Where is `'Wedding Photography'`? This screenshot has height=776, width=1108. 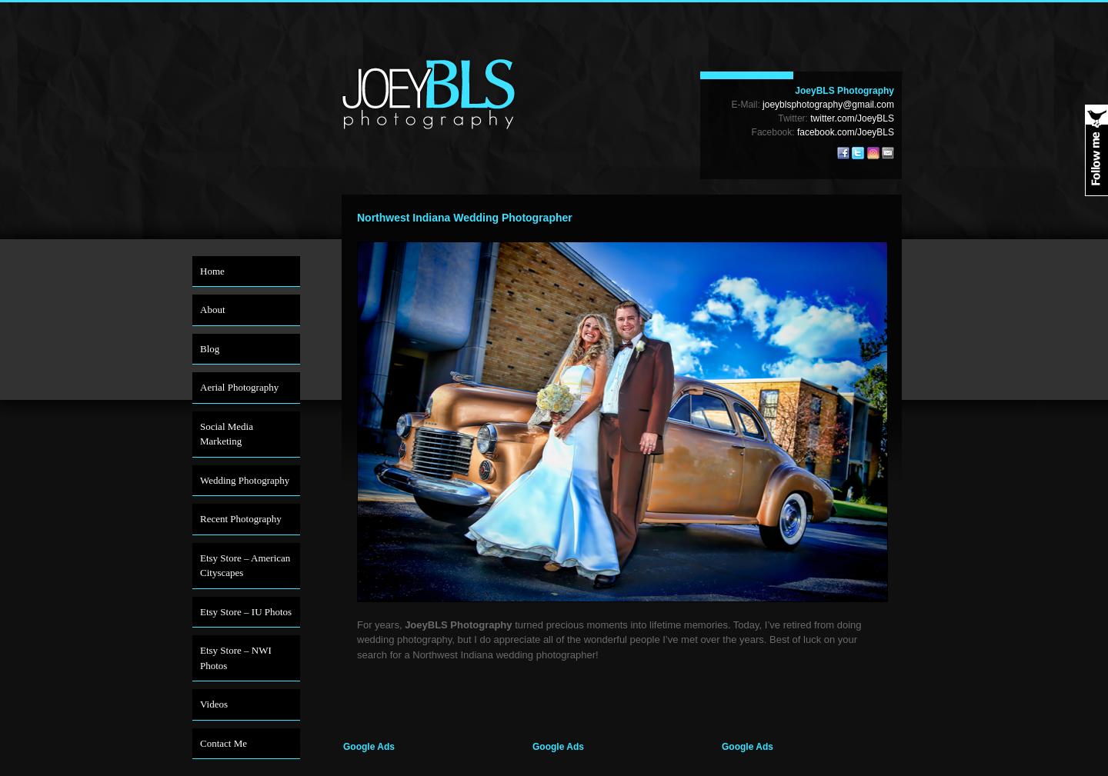 'Wedding Photography' is located at coordinates (244, 479).